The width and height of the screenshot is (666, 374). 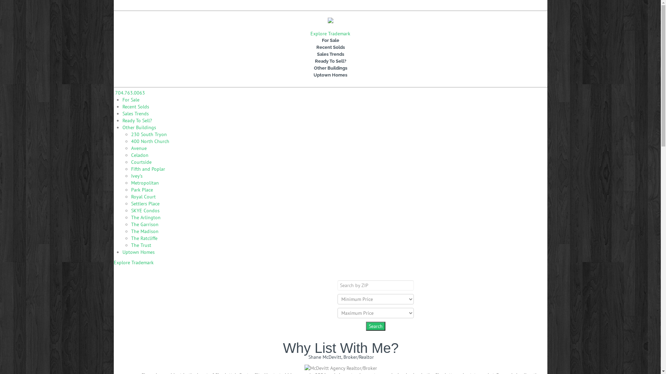 I want to click on 'Metropolitan', so click(x=131, y=182).